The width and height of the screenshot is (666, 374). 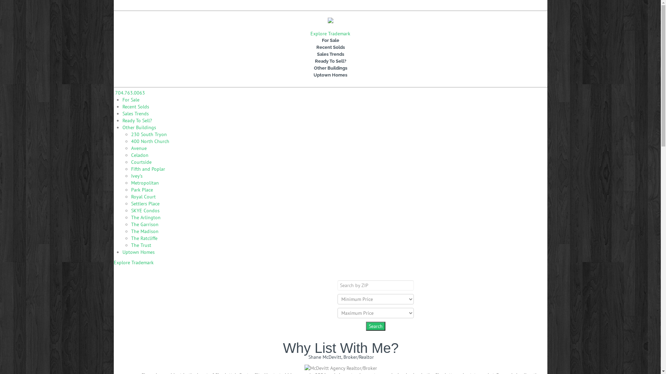 I want to click on 'Metropolitan', so click(x=131, y=182).